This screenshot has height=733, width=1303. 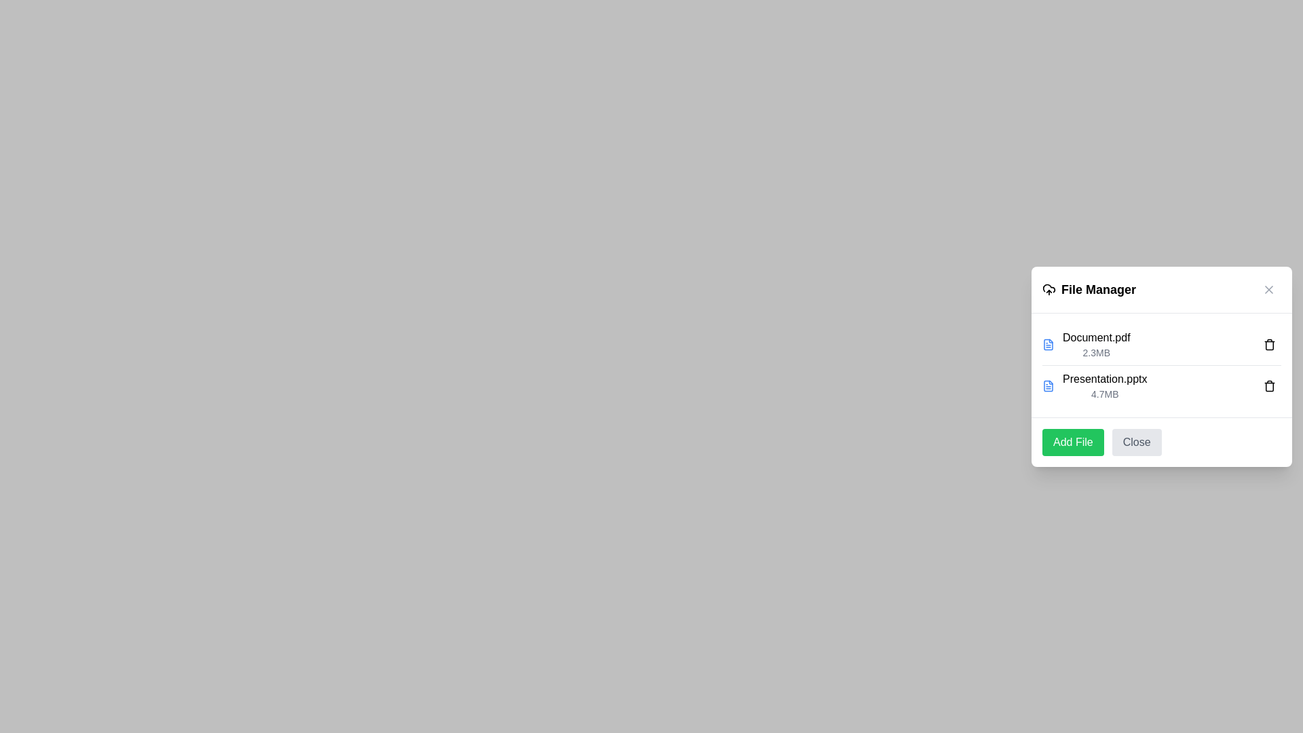 What do you see at coordinates (1048, 288) in the screenshot?
I see `the upload icon located to the left of the 'File Manager' heading in the title bar of the modal` at bounding box center [1048, 288].